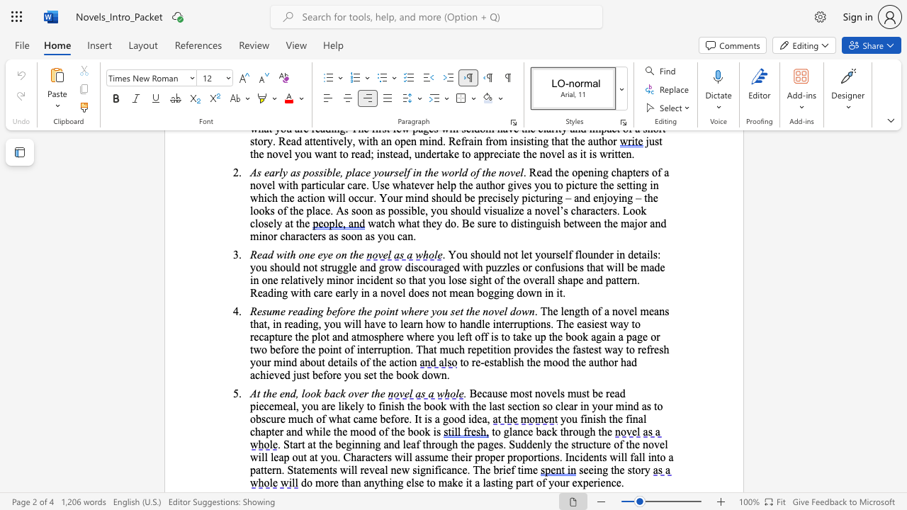 The height and width of the screenshot is (510, 907). What do you see at coordinates (359, 431) in the screenshot?
I see `the subset text "ood of the book" within the text "and while the mood of the book is"` at bounding box center [359, 431].